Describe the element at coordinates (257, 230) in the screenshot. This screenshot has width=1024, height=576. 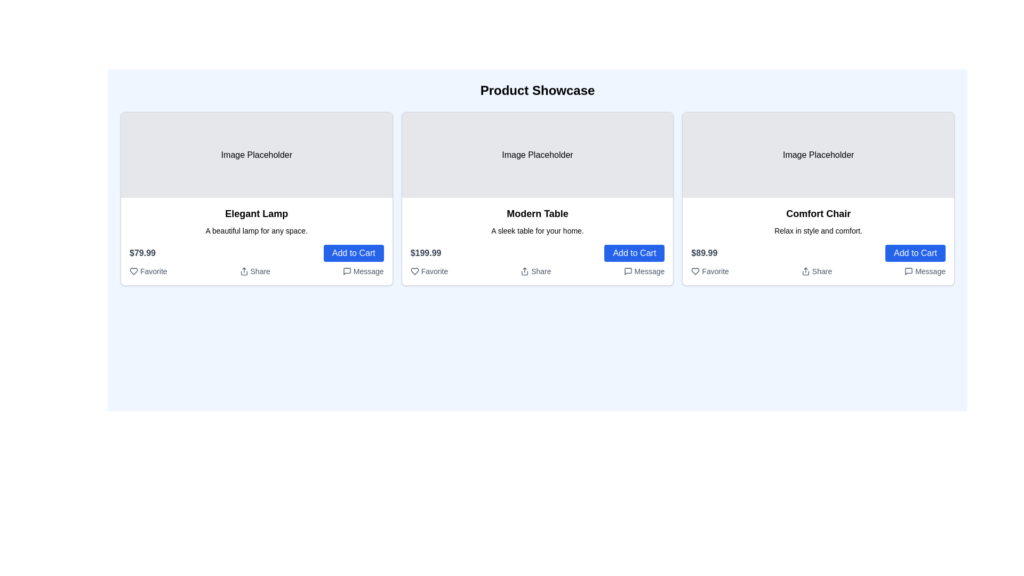
I see `the static text label that reads 'A beautiful lamp for any space.', which is located directly beneath the product title 'Elegant Lamp'` at that location.